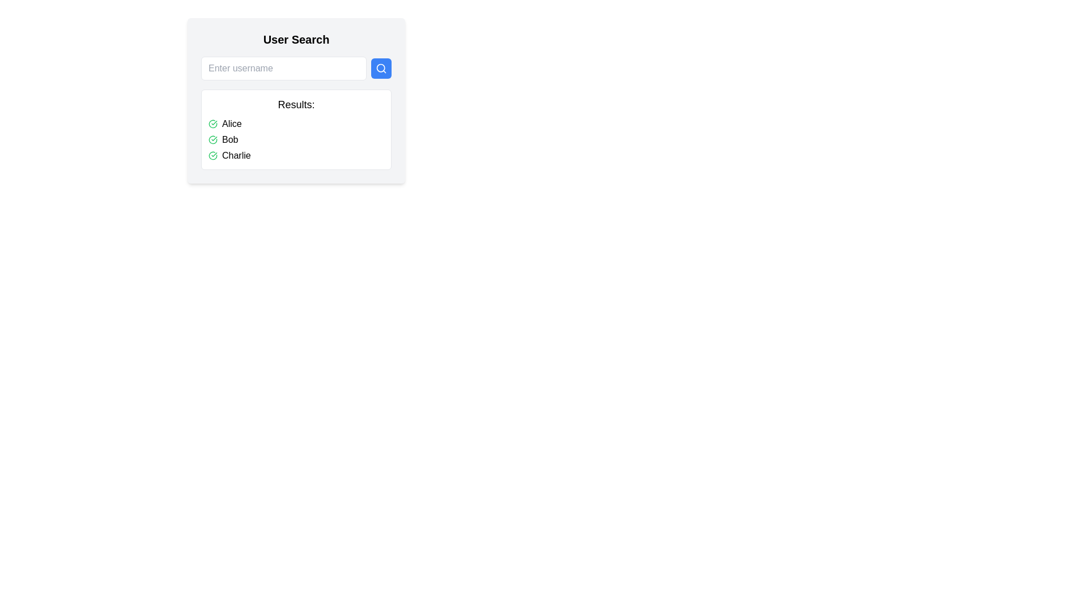 Image resolution: width=1088 pixels, height=612 pixels. Describe the element at coordinates (229, 139) in the screenshot. I see `the text label 'Bob'` at that location.